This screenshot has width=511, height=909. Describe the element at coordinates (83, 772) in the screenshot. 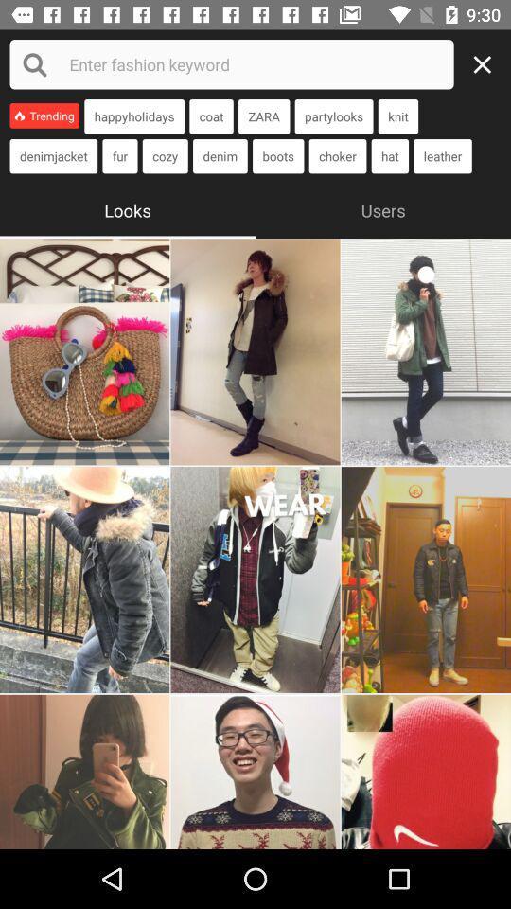

I see `look at the image` at that location.